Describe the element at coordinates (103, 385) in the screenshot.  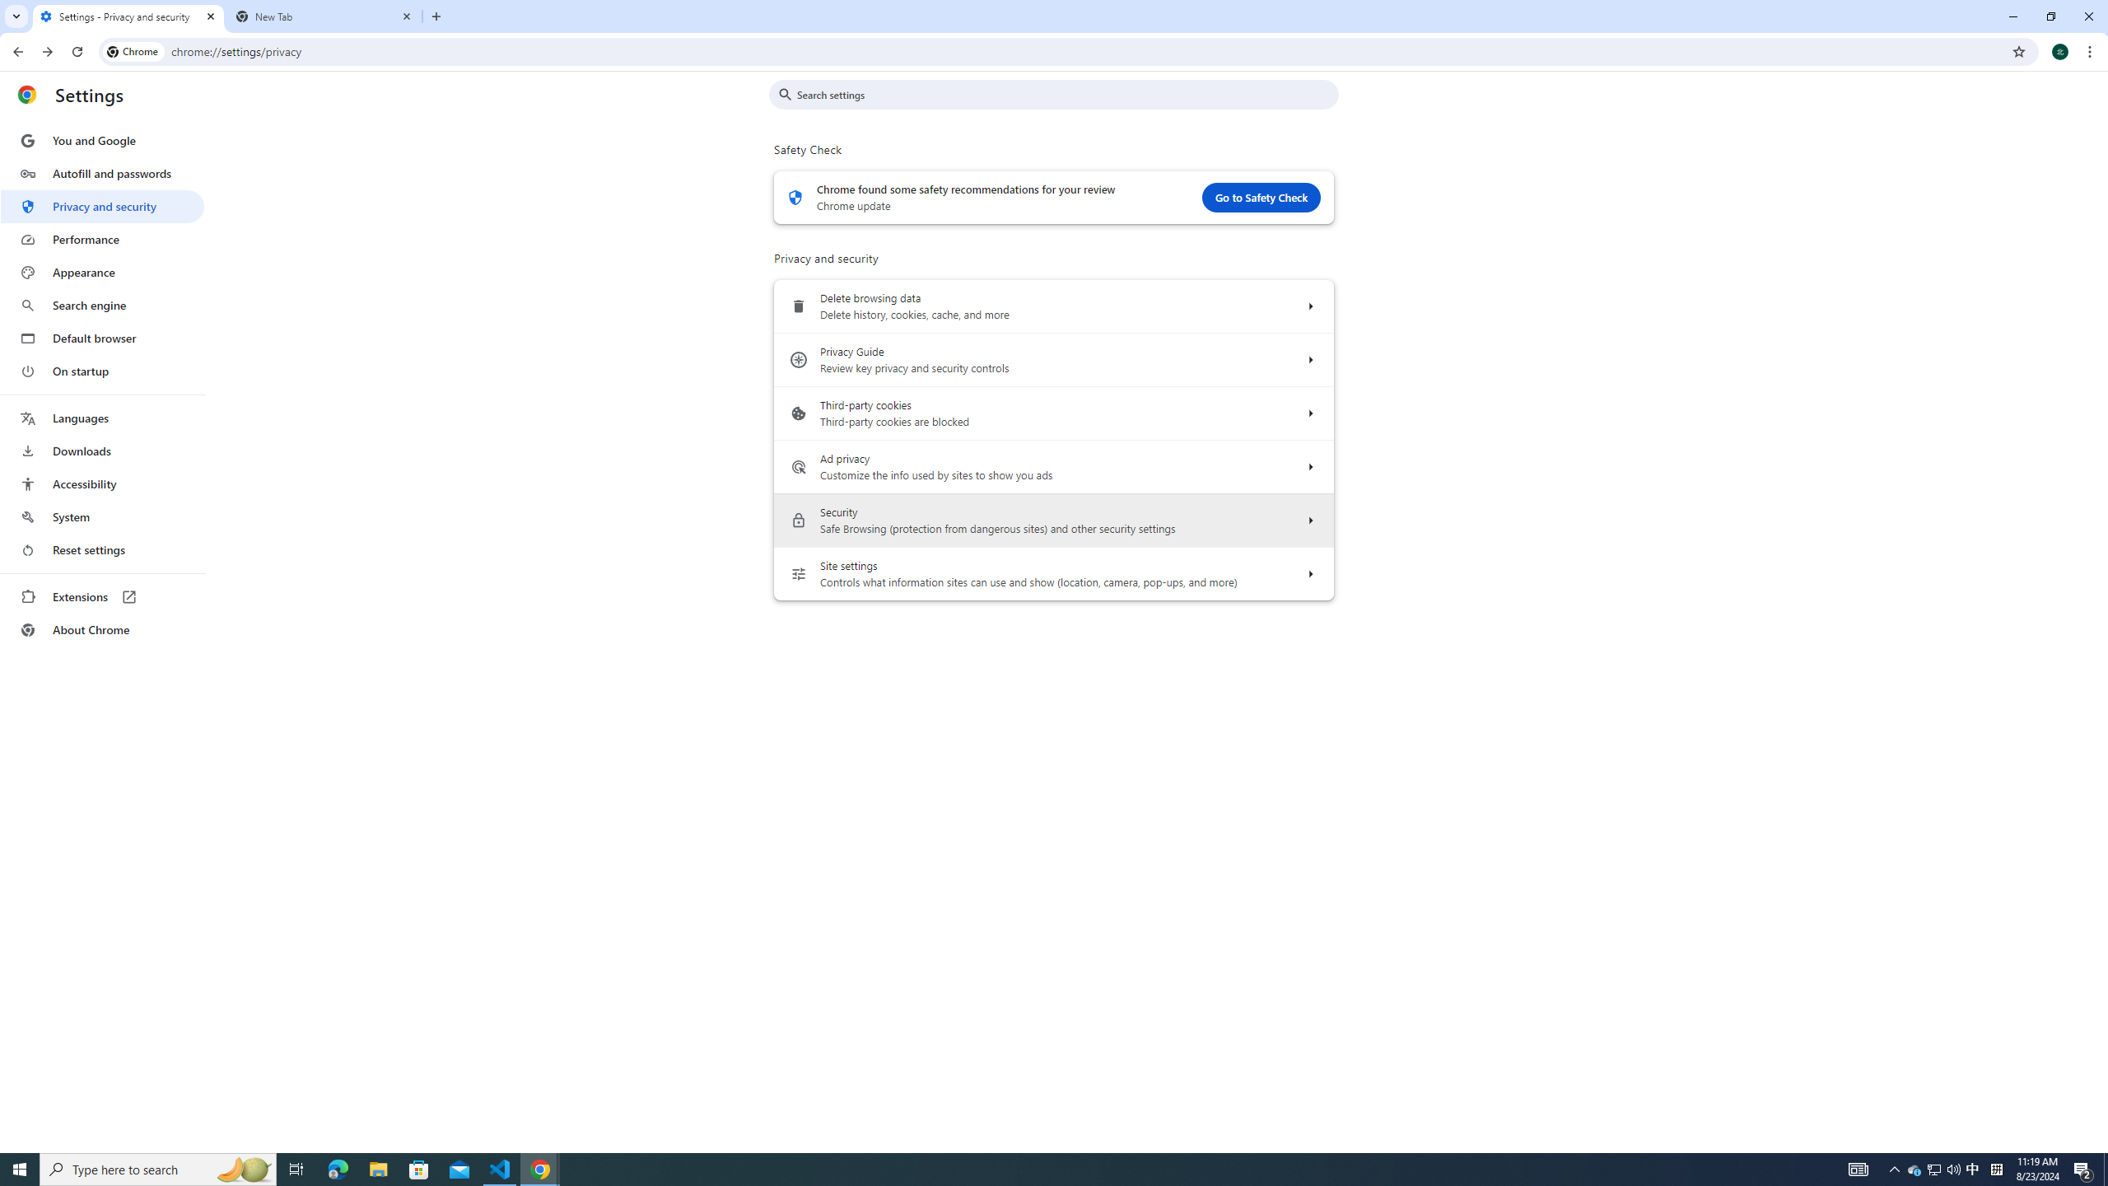
I see `'AutomationID: menu'` at that location.